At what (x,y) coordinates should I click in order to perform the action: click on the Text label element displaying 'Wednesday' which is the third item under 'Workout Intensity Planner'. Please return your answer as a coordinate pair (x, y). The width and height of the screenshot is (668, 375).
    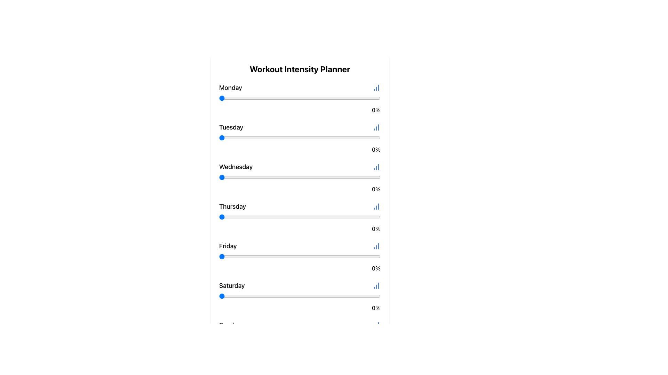
    Looking at the image, I should click on (236, 167).